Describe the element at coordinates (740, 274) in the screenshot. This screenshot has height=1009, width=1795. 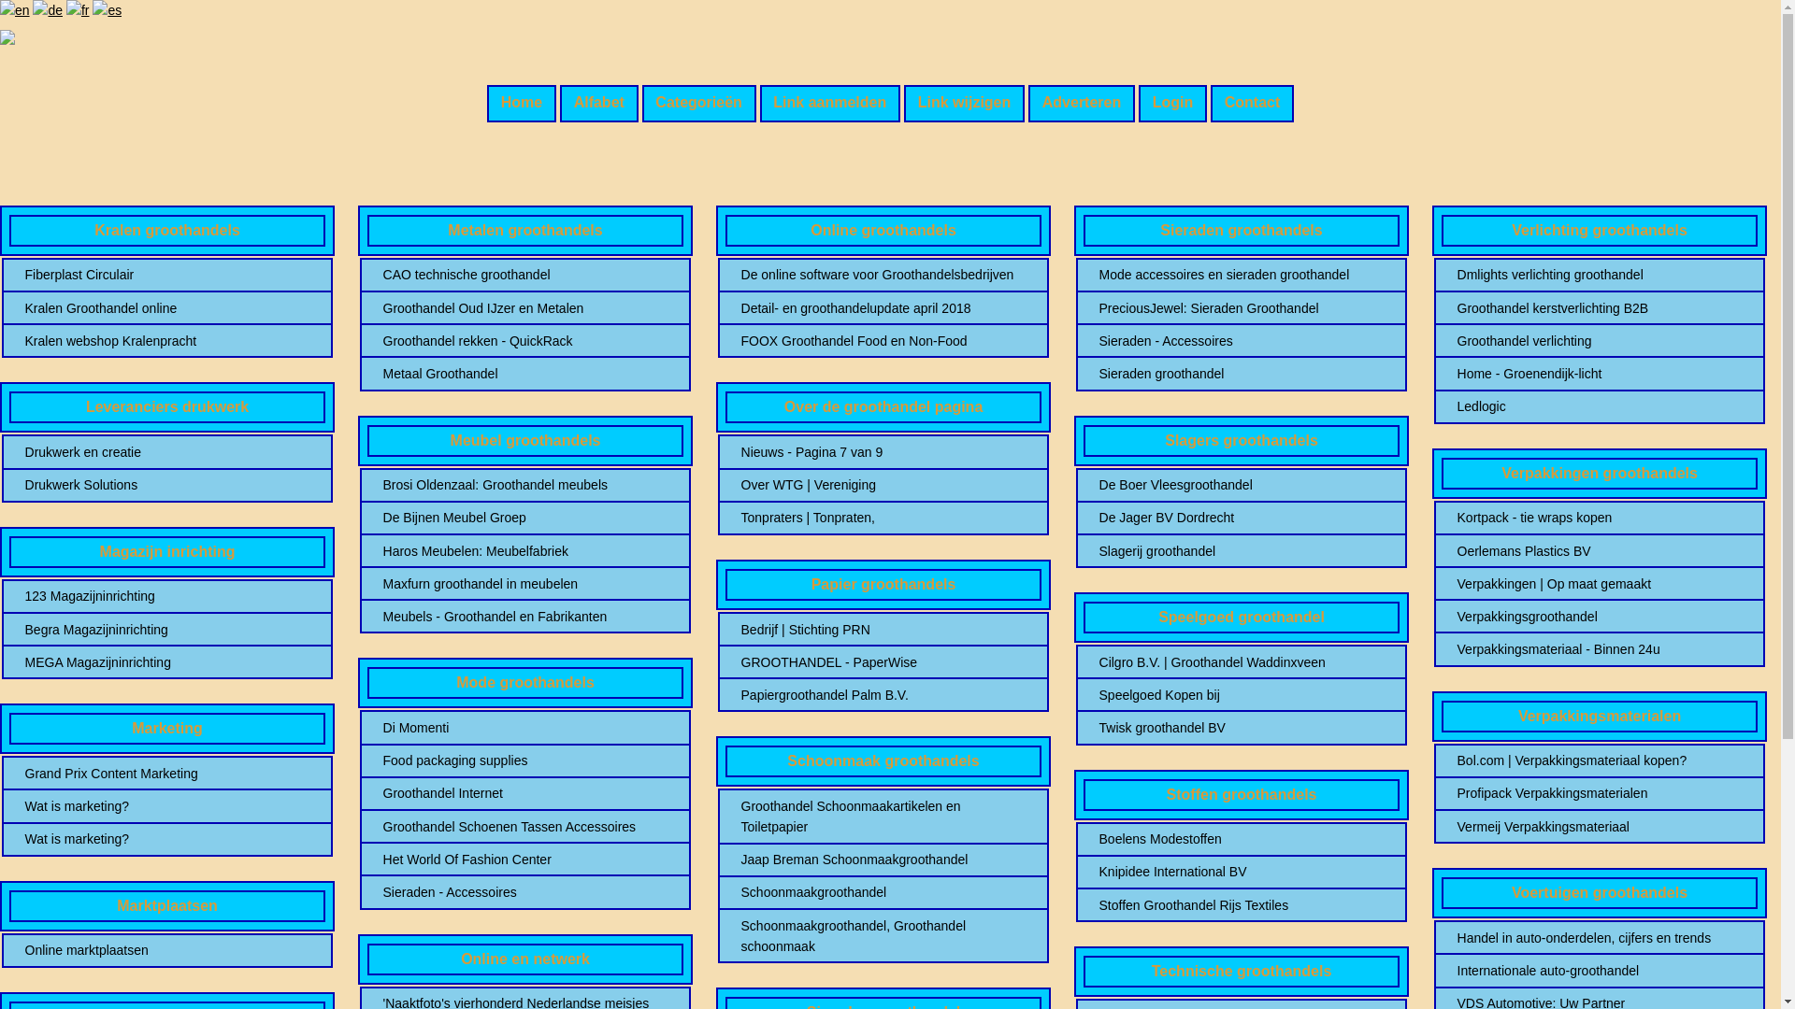
I see `'De online software voor Groothandelsbedrijven'` at that location.